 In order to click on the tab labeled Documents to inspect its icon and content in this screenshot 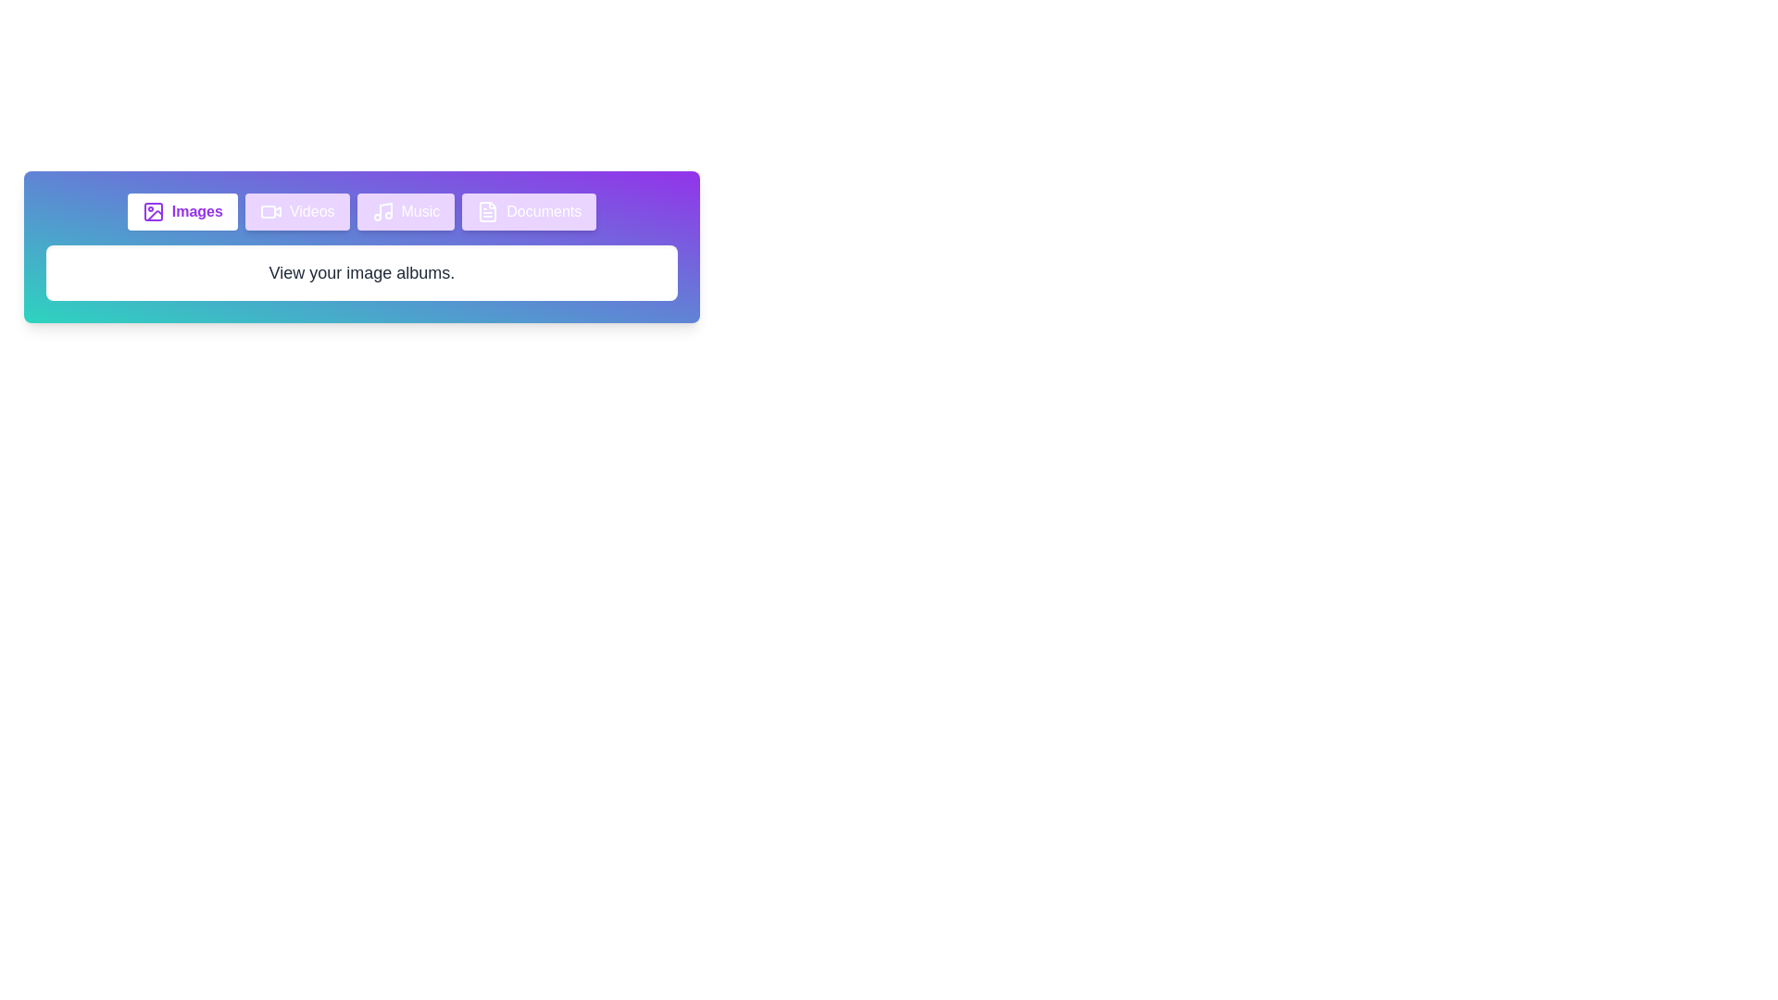, I will do `click(528, 210)`.